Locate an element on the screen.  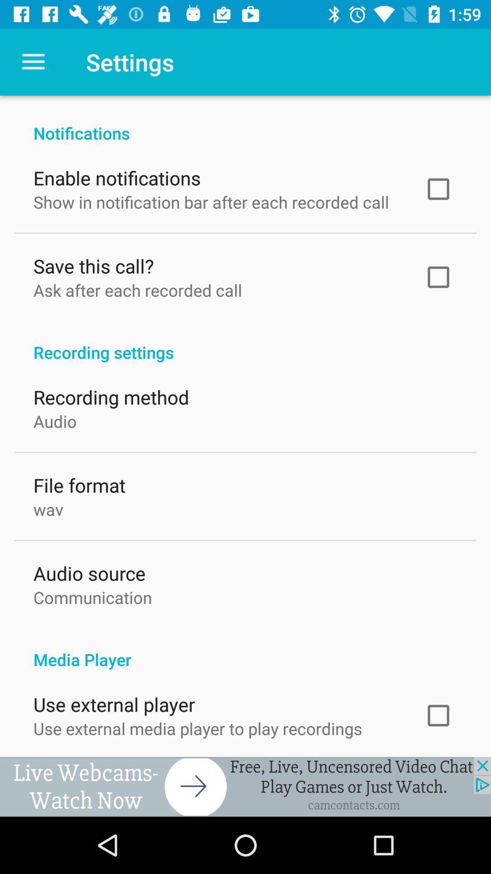
icon above the save this call? item is located at coordinates (211, 199).